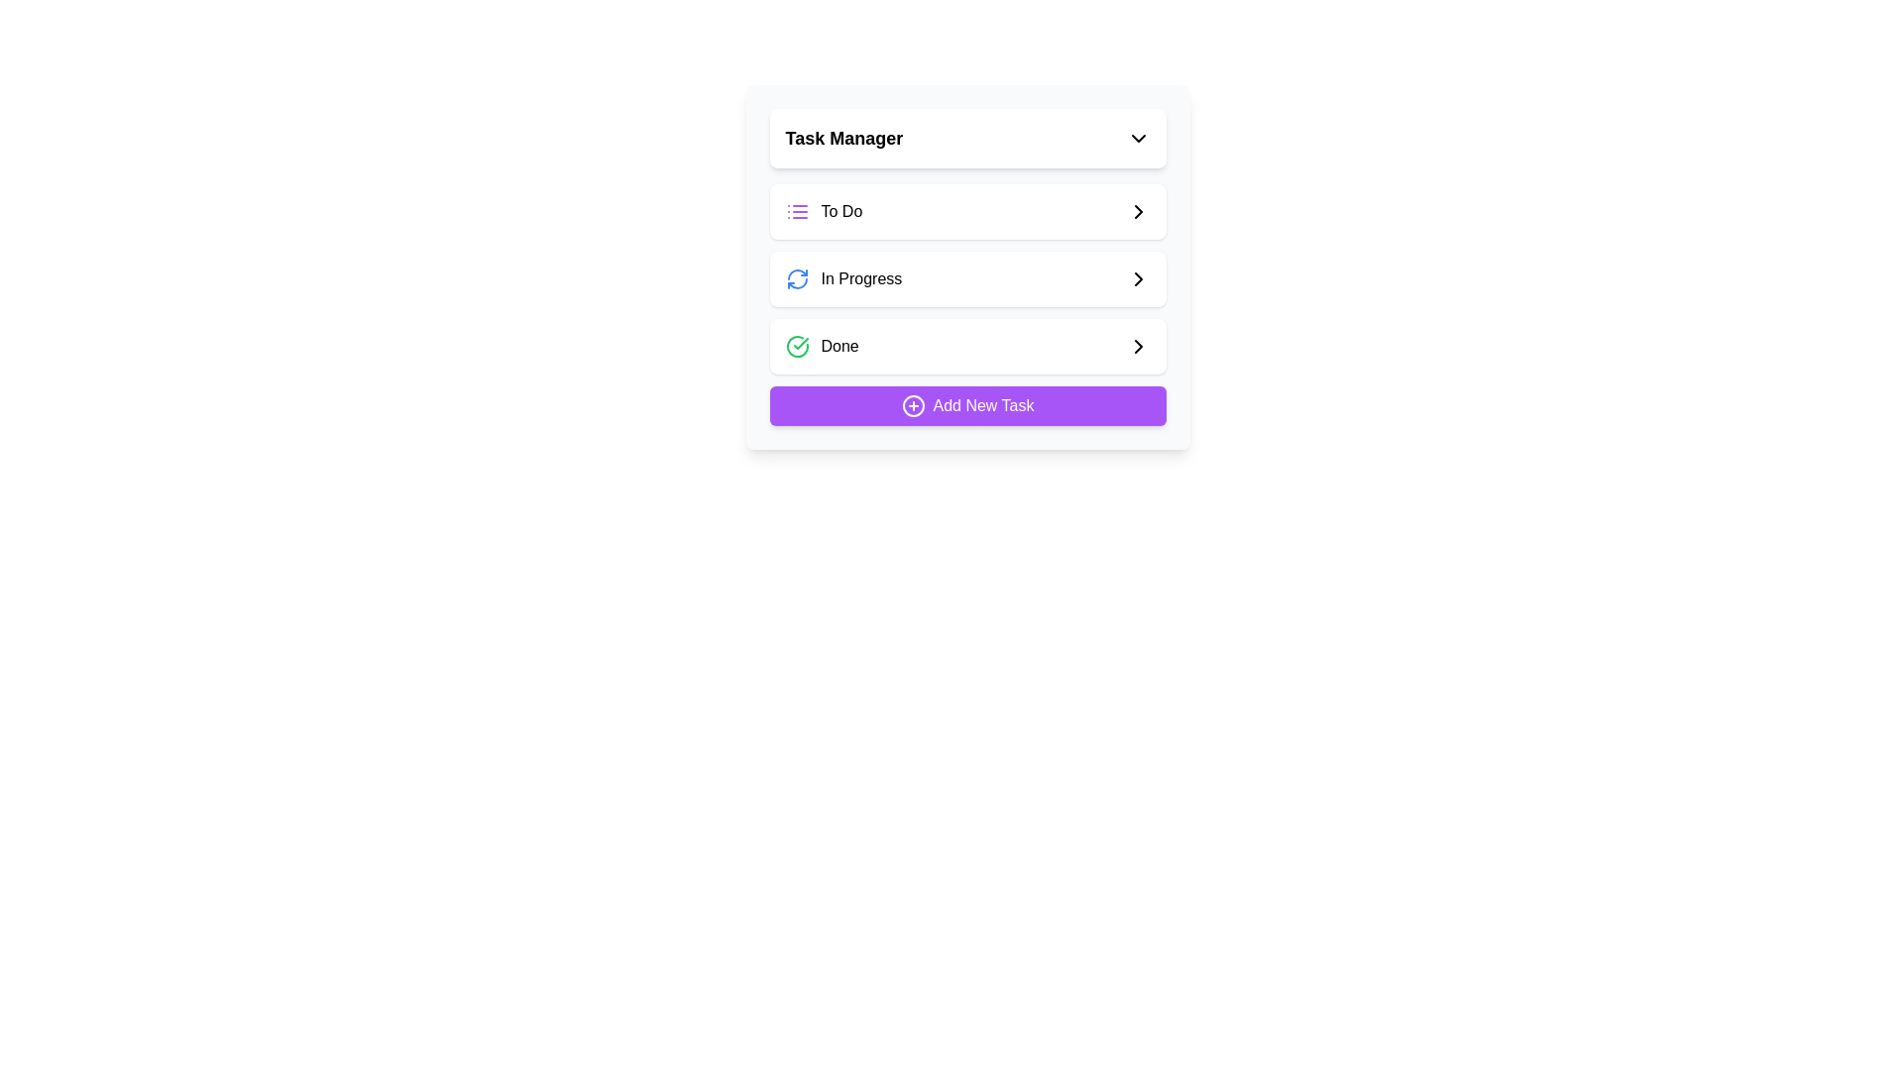 This screenshot has height=1070, width=1903. I want to click on the purple list icon located in the 'To Do' section, positioned left of the 'To Do' text, so click(797, 211).